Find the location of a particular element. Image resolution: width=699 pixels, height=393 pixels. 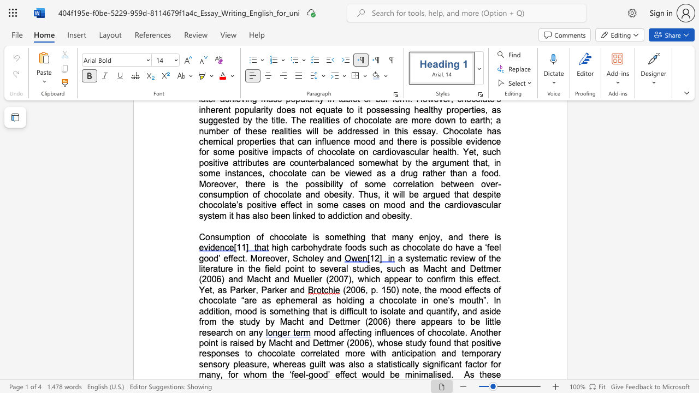

the subset text "y significant factor for many, for whom the ‘feel-good’ effect would b" within the text "guilt was also a statistically significant factor for many, for whom the ‘feel-good’ effect would be min" is located at coordinates (414, 364).